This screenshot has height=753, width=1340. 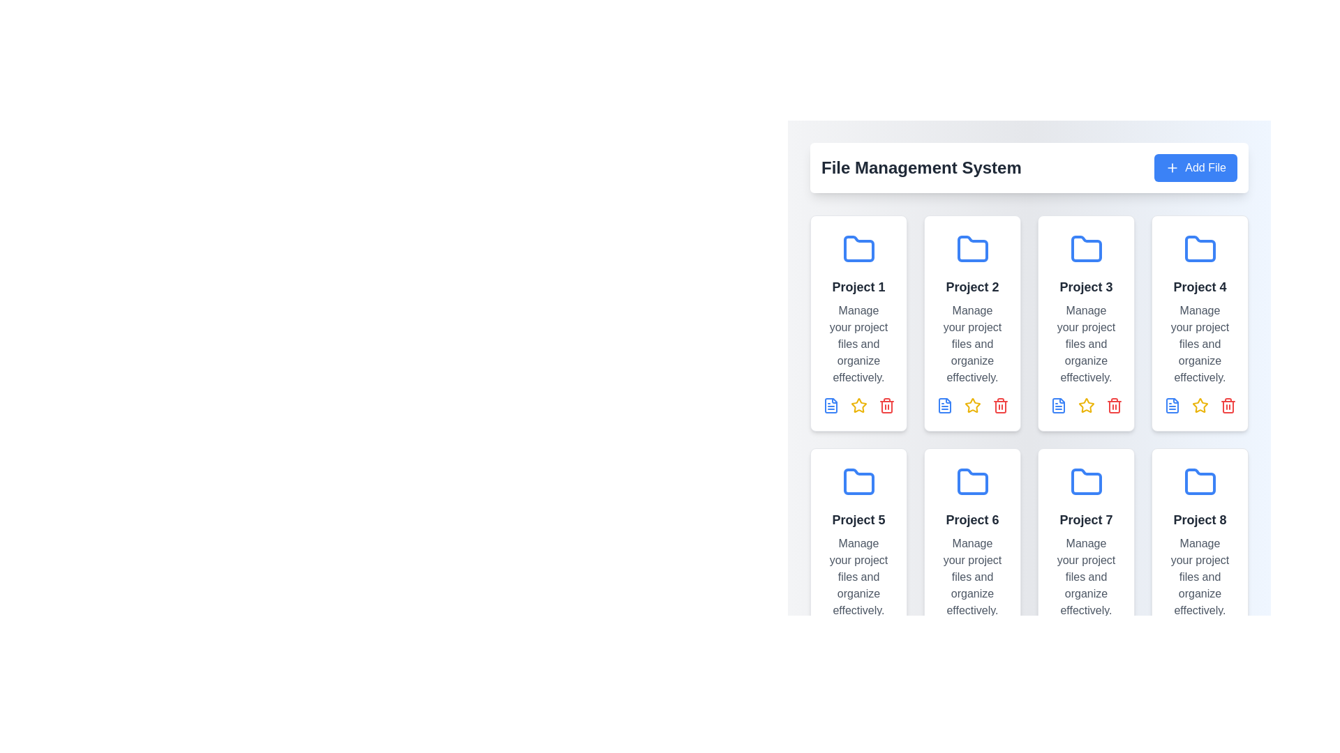 I want to click on the blue folder icon labeled 'Project 5' in the project items grid to interact with it, so click(x=858, y=480).